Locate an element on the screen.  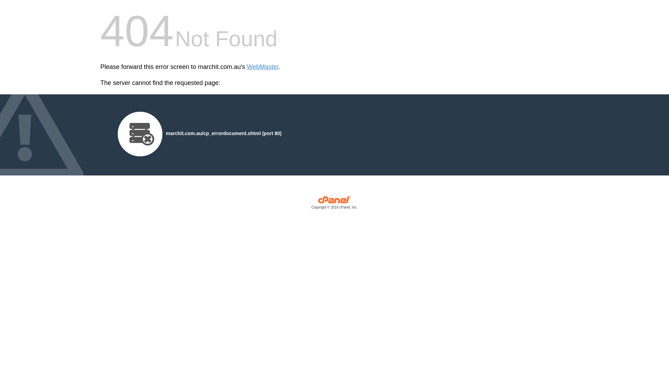
'WebMaster' is located at coordinates (262, 67).